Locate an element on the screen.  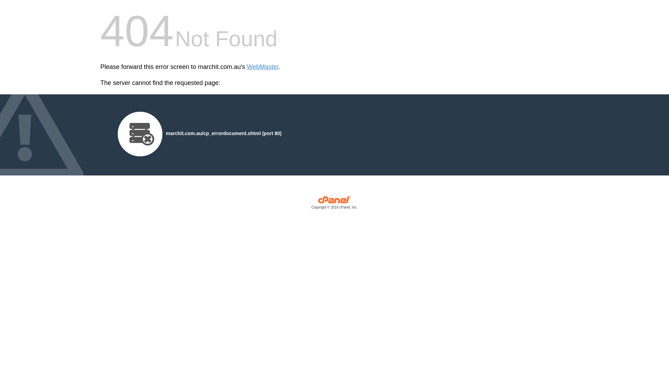
'WebMaster' is located at coordinates (262, 67).